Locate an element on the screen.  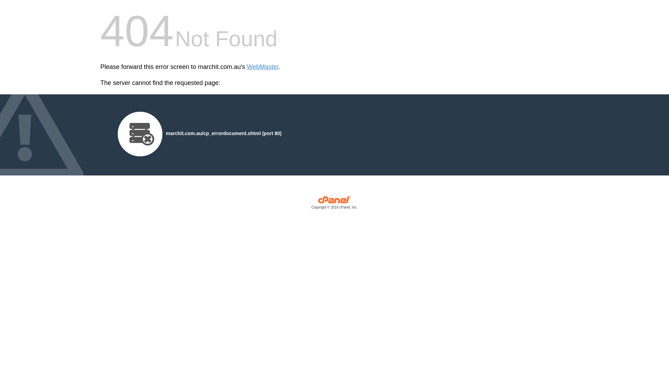
'WebMaster' is located at coordinates (262, 67).